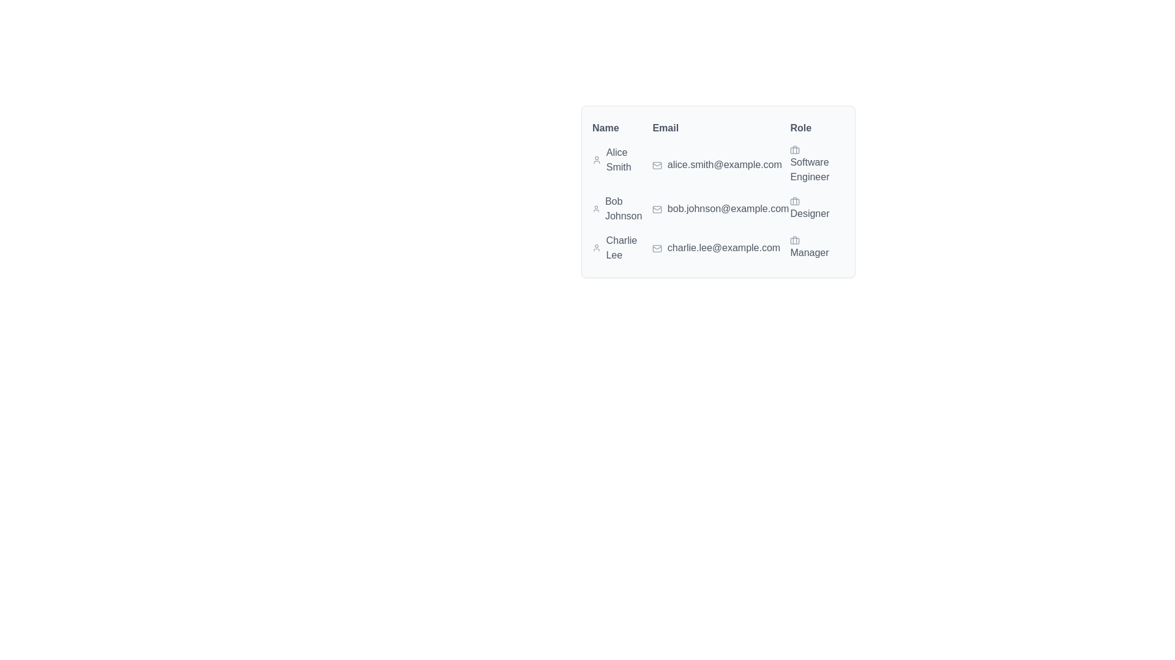  What do you see at coordinates (718, 204) in the screenshot?
I see `the email display 'bob.johnson@example.com' located` at bounding box center [718, 204].